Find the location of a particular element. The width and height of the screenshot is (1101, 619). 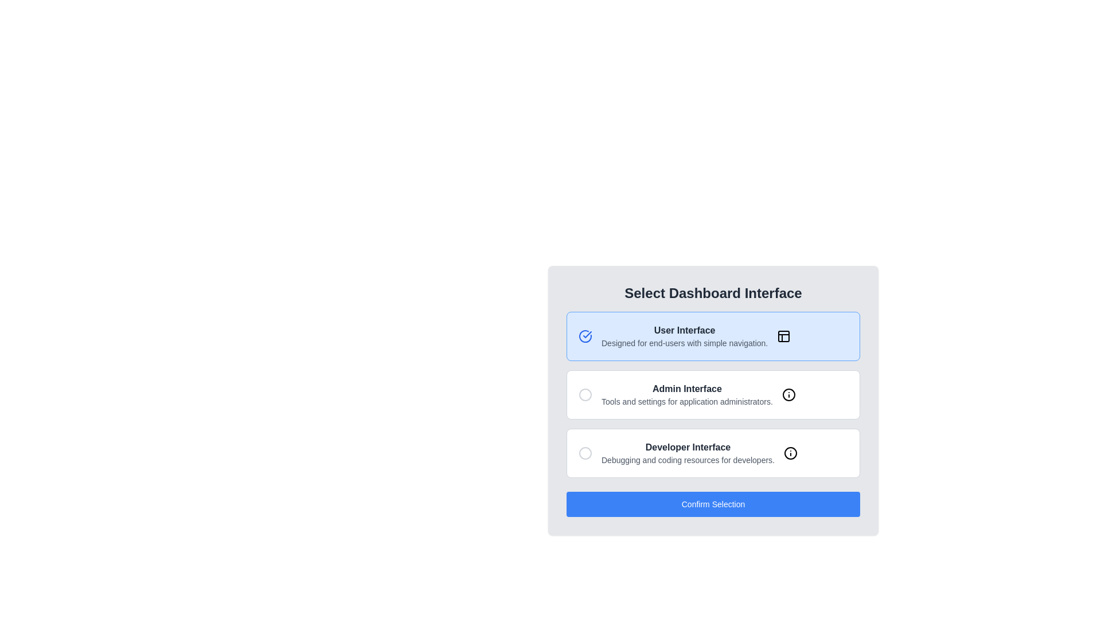

the circular icon with a thin black outline and a centered exclamation mark located to the right of the 'Admin Interface' option in the dashboard is located at coordinates (788, 394).